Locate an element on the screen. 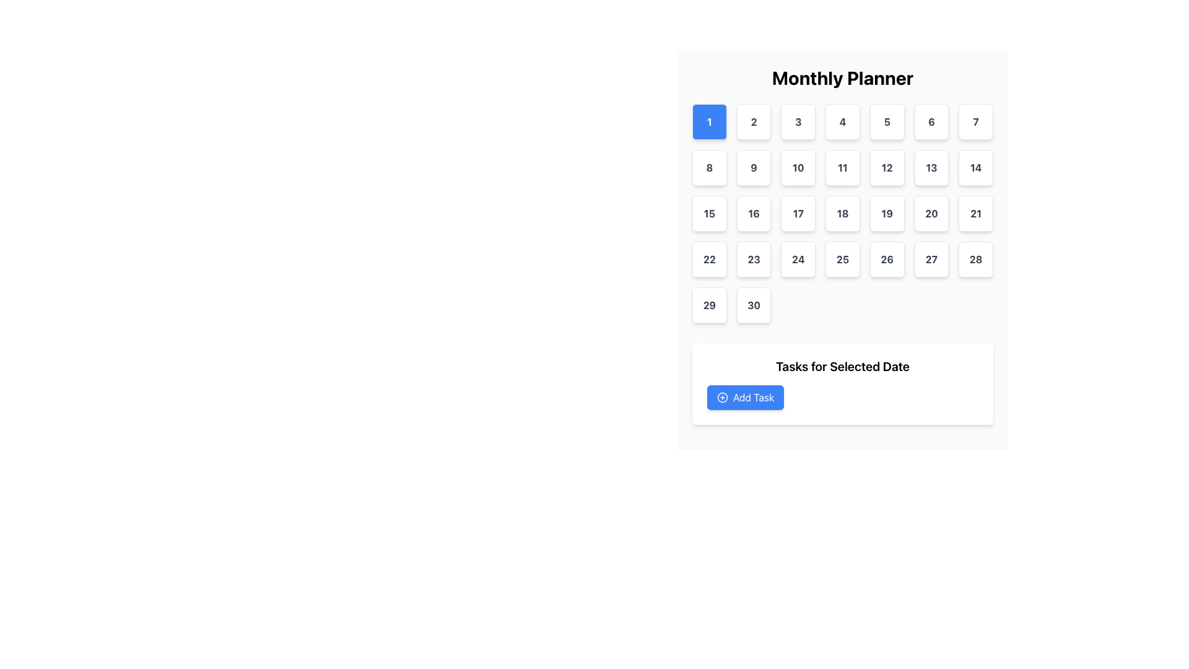 The width and height of the screenshot is (1189, 669). the square card displaying the number '17' in bold text, located in the third row and third column of the grid is located at coordinates (798, 212).